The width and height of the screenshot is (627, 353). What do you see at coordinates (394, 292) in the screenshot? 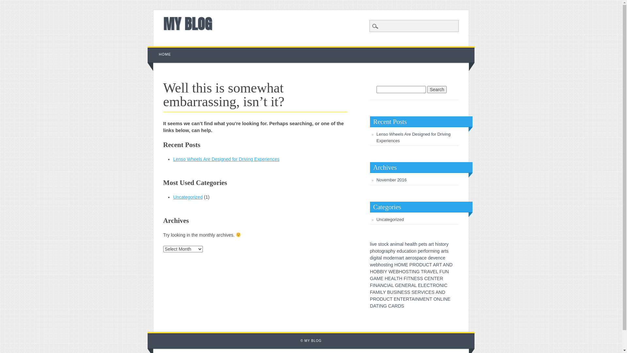
I see `'S'` at bounding box center [394, 292].